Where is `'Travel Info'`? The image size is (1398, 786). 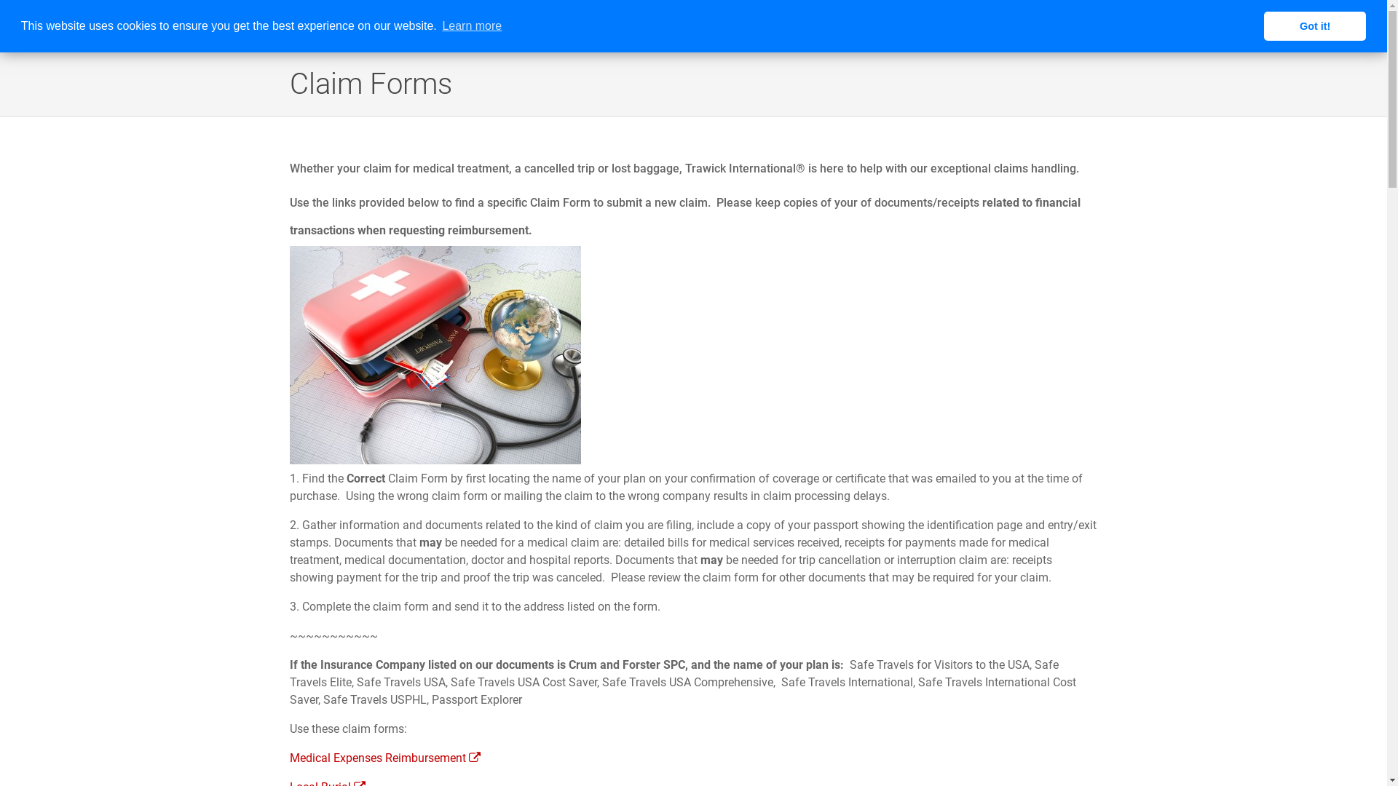
'Travel Info' is located at coordinates (1104, 25).